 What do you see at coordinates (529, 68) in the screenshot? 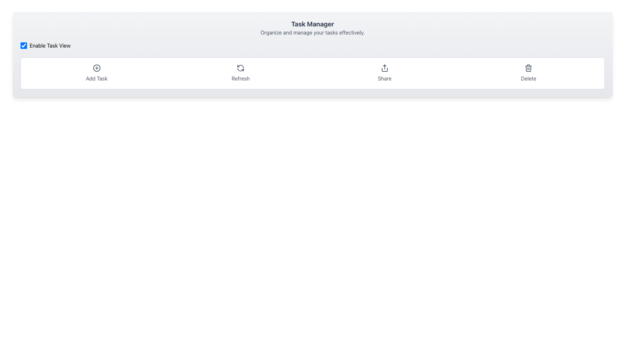
I see `the delete icon button located at the furthest right end of the horizontal button row` at bounding box center [529, 68].